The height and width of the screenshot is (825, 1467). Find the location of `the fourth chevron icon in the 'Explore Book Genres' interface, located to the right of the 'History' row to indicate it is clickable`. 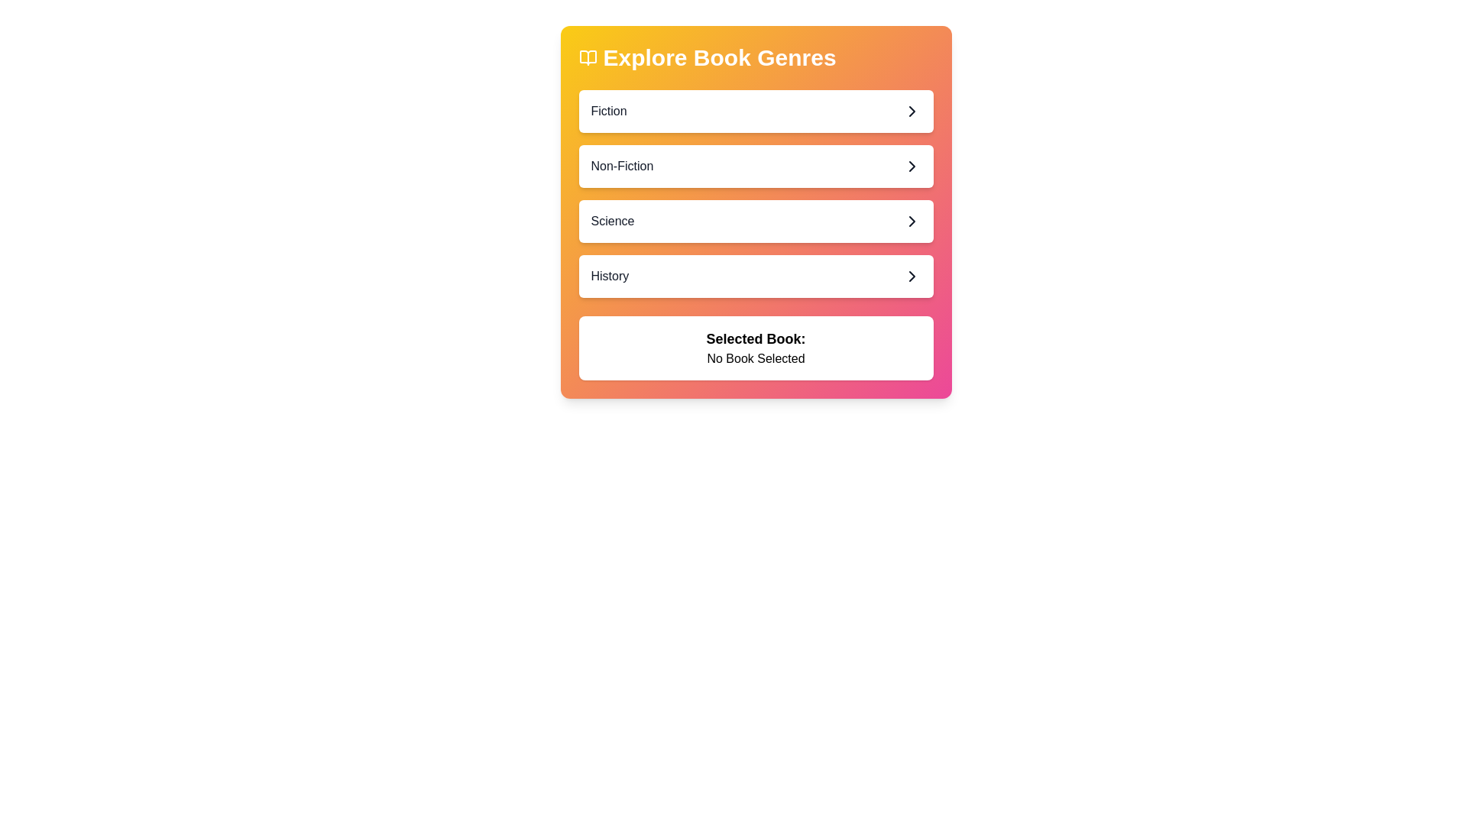

the fourth chevron icon in the 'Explore Book Genres' interface, located to the right of the 'History' row to indicate it is clickable is located at coordinates (912, 277).